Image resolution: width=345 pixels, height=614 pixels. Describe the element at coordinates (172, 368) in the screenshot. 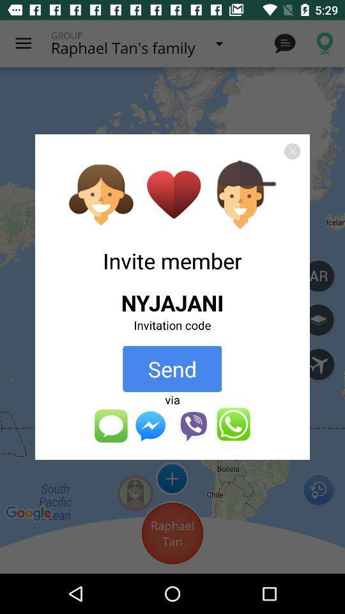

I see `app above the via app` at that location.